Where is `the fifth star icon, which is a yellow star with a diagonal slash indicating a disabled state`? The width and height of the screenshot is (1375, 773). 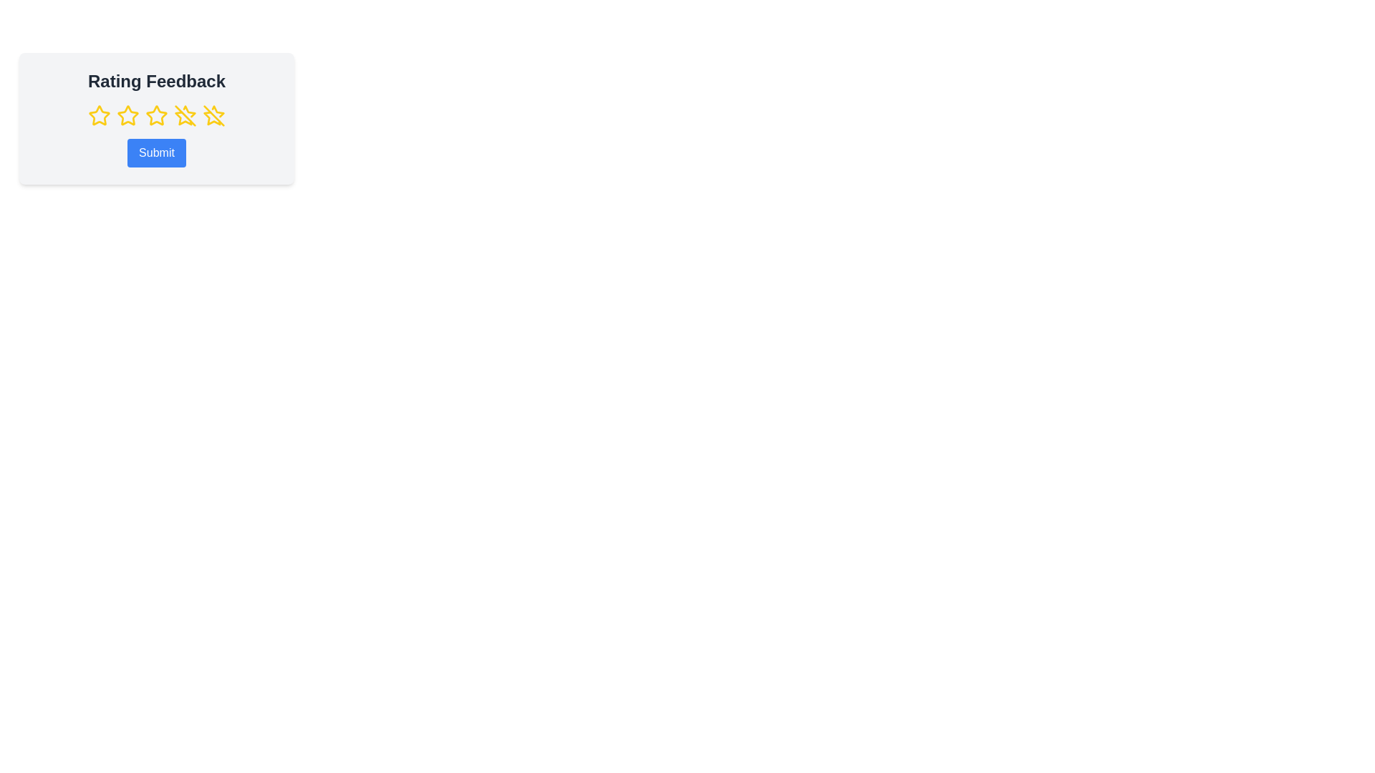 the fifth star icon, which is a yellow star with a diagonal slash indicating a disabled state is located at coordinates (185, 115).